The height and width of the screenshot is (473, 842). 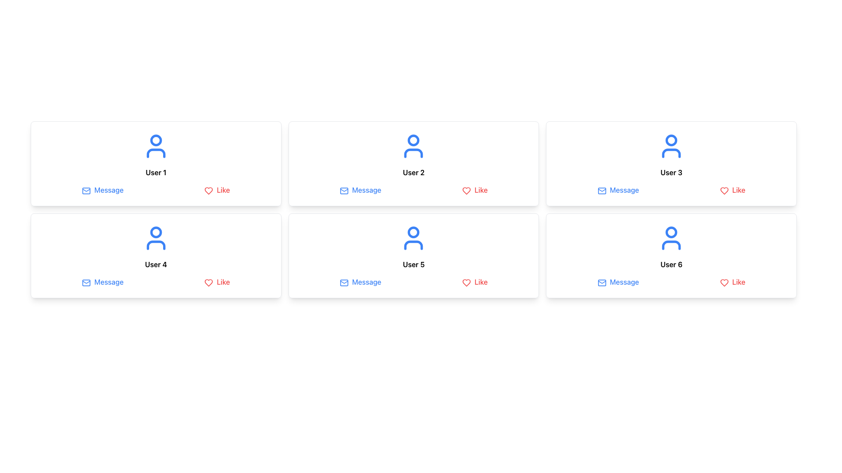 What do you see at coordinates (617, 282) in the screenshot?
I see `the hyperlink labeled 'Message' with an envelope icon located under 'User 6'` at bounding box center [617, 282].